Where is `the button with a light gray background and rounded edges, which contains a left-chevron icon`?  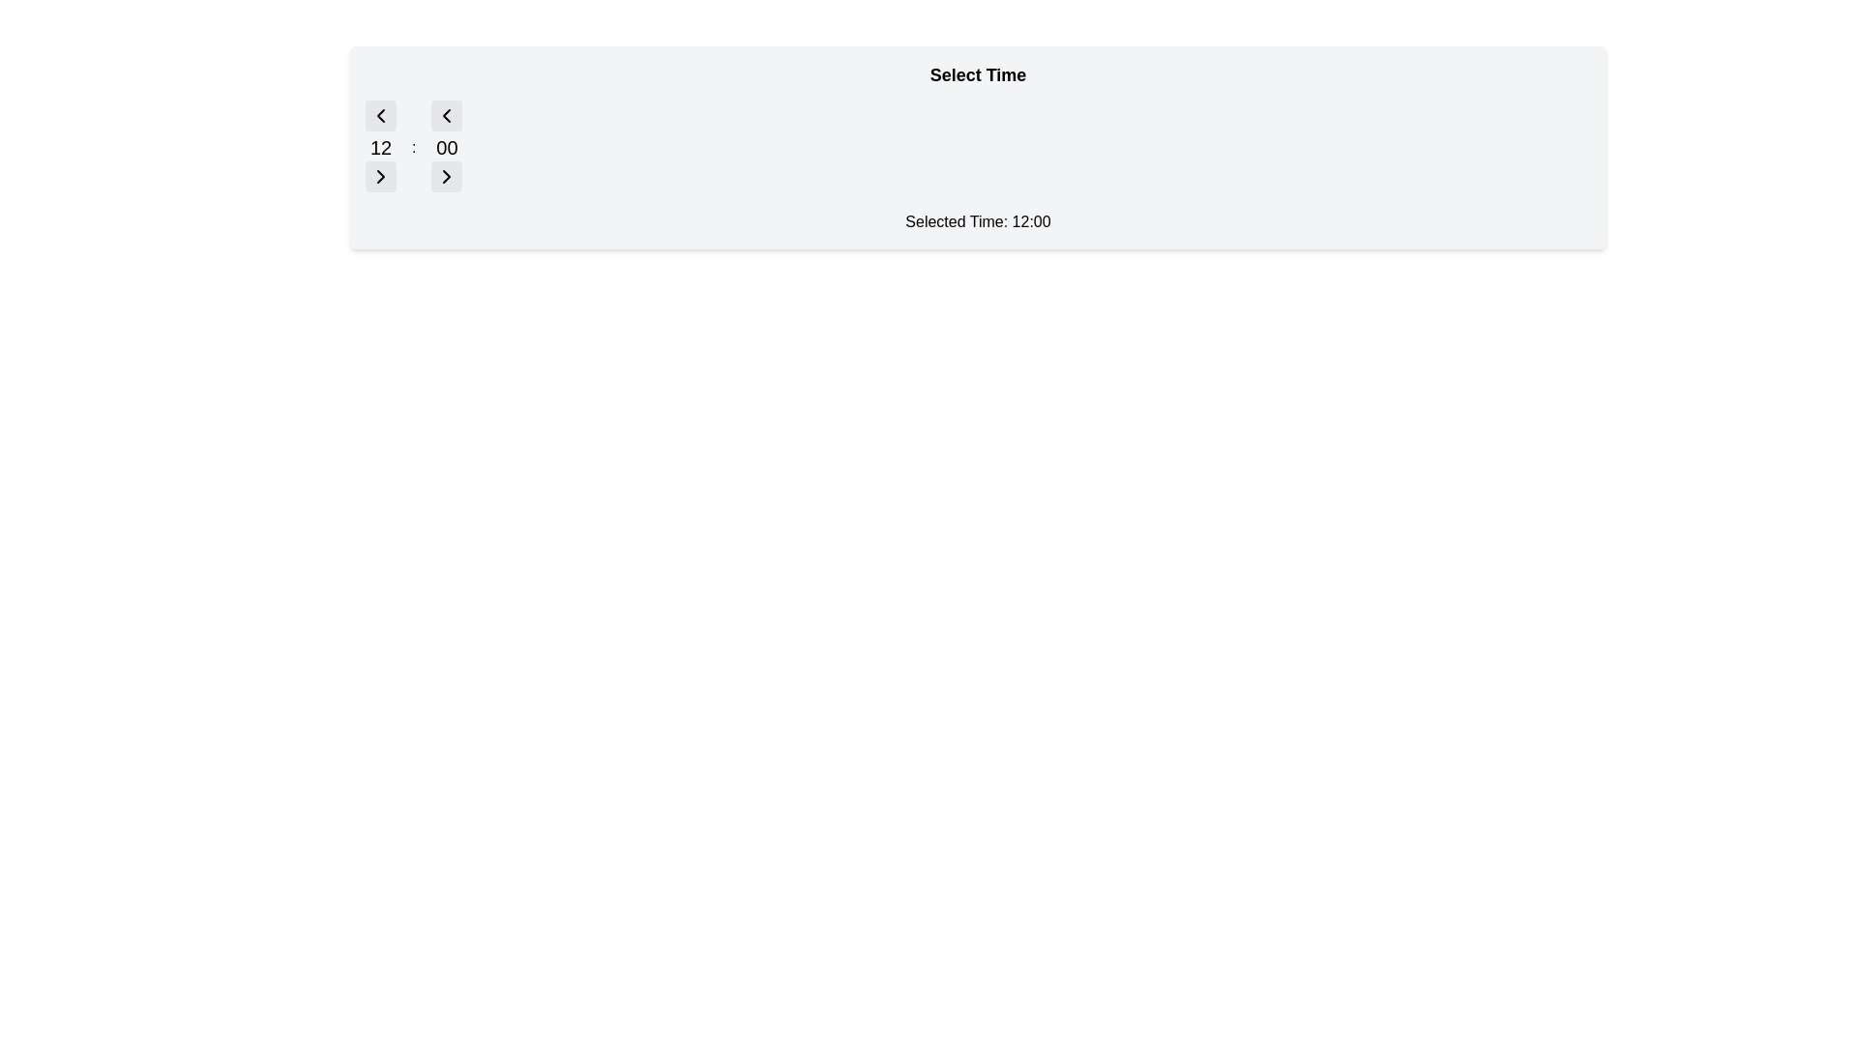
the button with a light gray background and rounded edges, which contains a left-chevron icon is located at coordinates (380, 115).